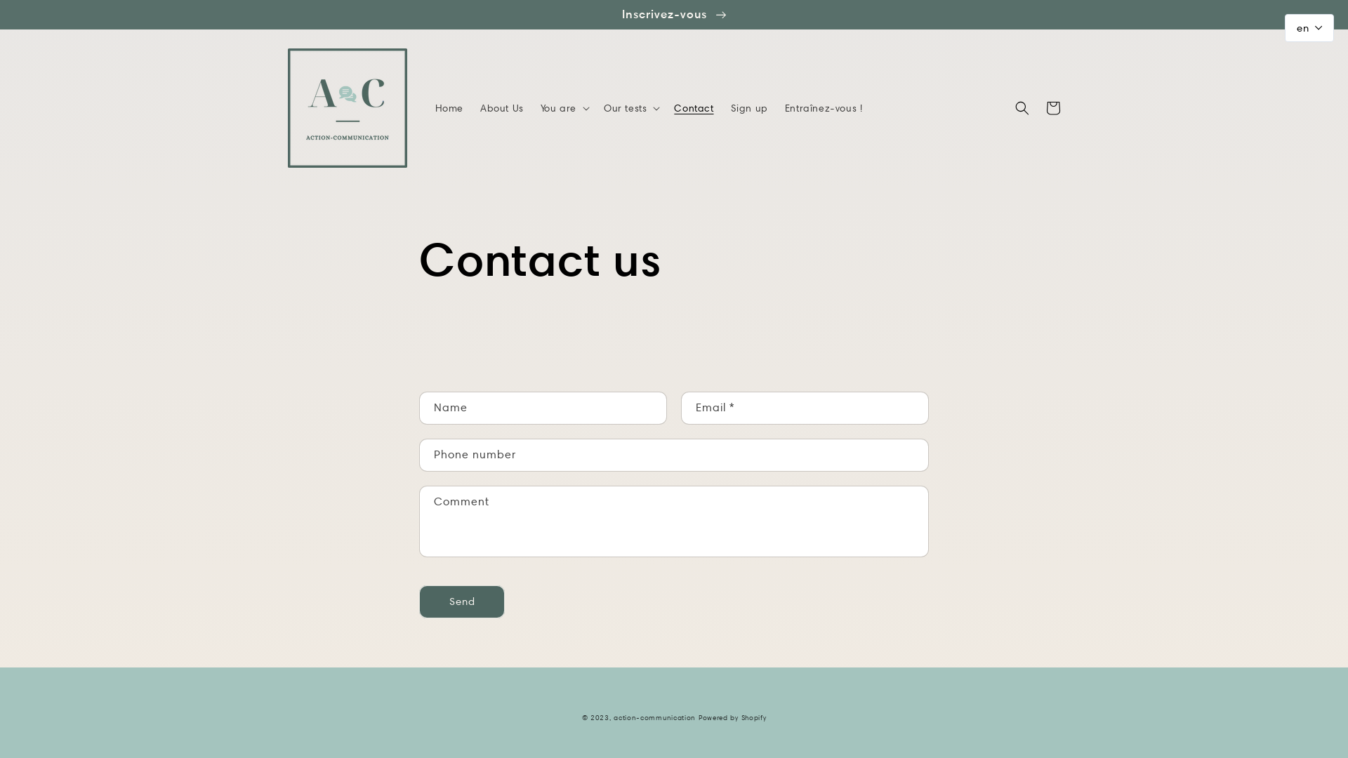 The image size is (1348, 758). Describe the element at coordinates (613, 717) in the screenshot. I see `'action-communication'` at that location.